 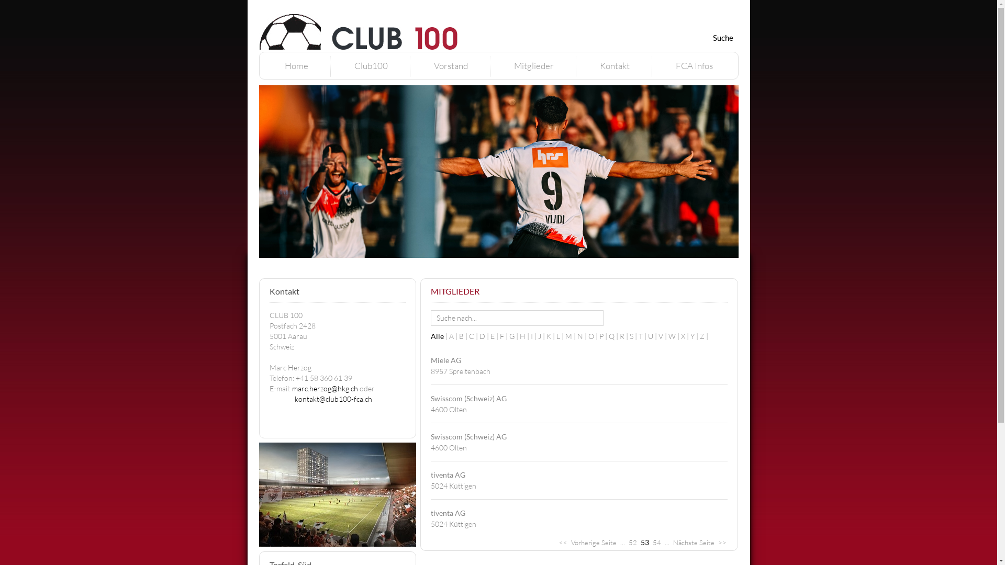 What do you see at coordinates (467, 436) in the screenshot?
I see `'Swisscom (Schweiz) AG'` at bounding box center [467, 436].